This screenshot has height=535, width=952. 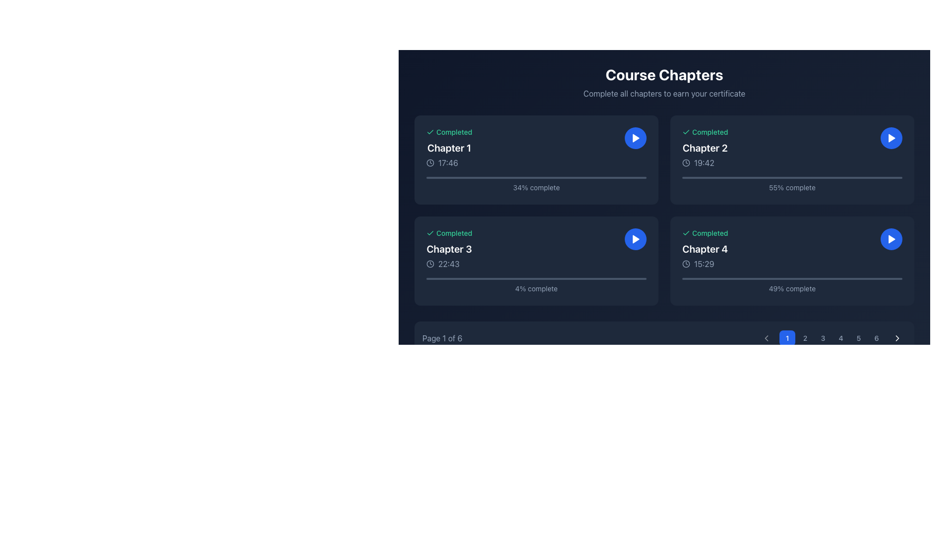 What do you see at coordinates (832, 337) in the screenshot?
I see `the pagination button located at the bottom center of the interface` at bounding box center [832, 337].